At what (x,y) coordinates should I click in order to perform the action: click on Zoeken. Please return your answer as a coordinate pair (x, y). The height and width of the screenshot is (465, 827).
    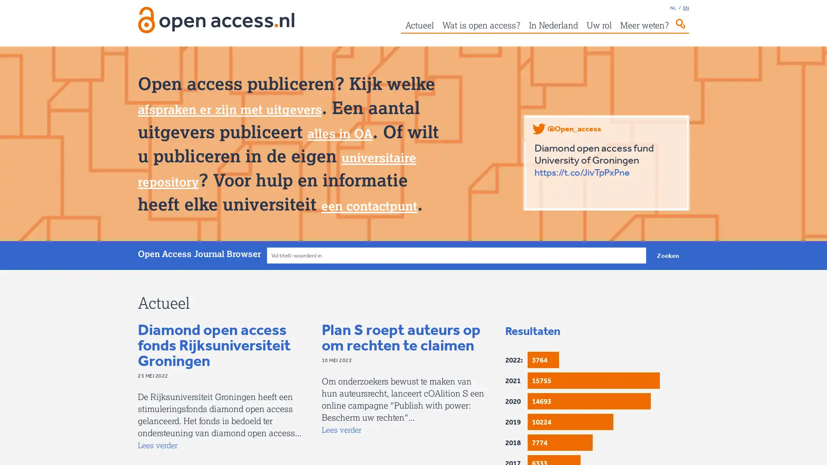
    Looking at the image, I should click on (667, 277).